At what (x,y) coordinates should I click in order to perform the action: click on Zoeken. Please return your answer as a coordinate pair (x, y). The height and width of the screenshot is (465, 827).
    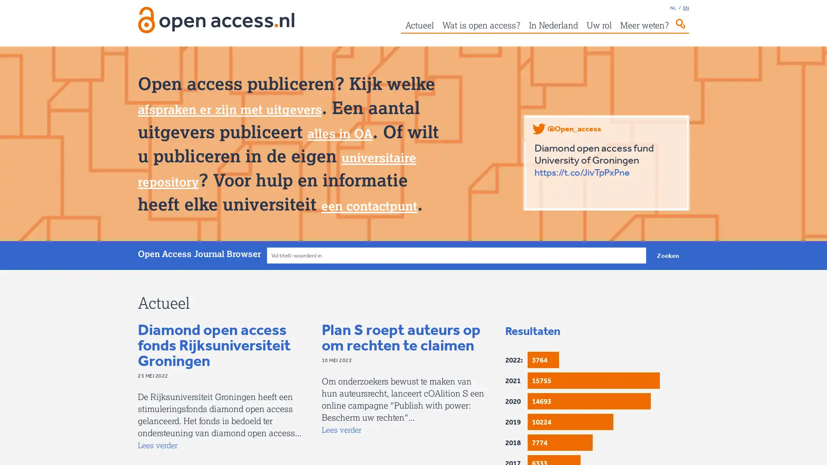
    Looking at the image, I should click on (667, 277).